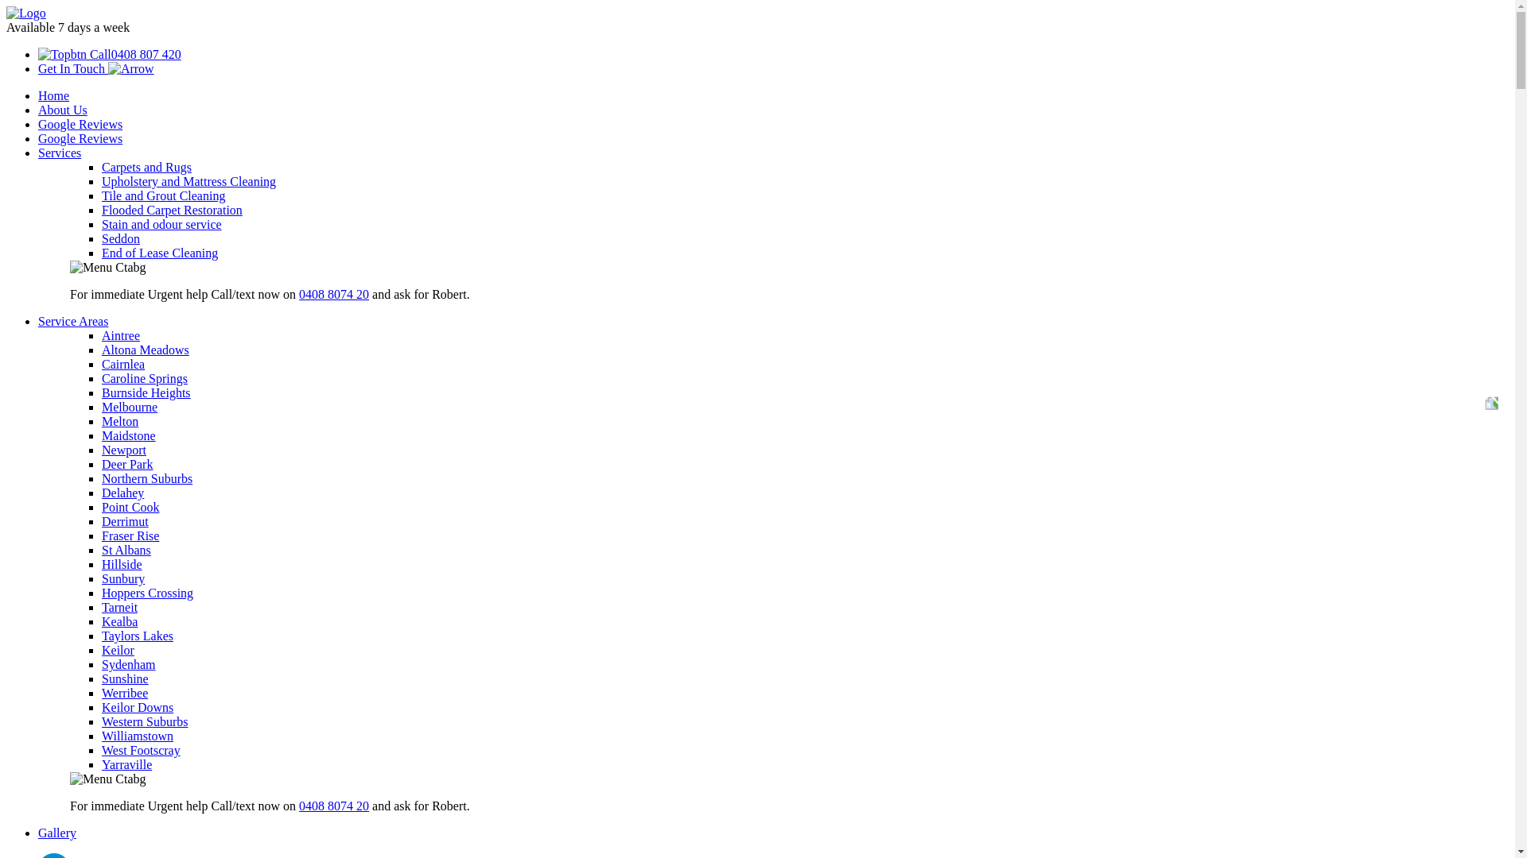 The image size is (1527, 858). I want to click on 'Fraser Rise', so click(130, 535).